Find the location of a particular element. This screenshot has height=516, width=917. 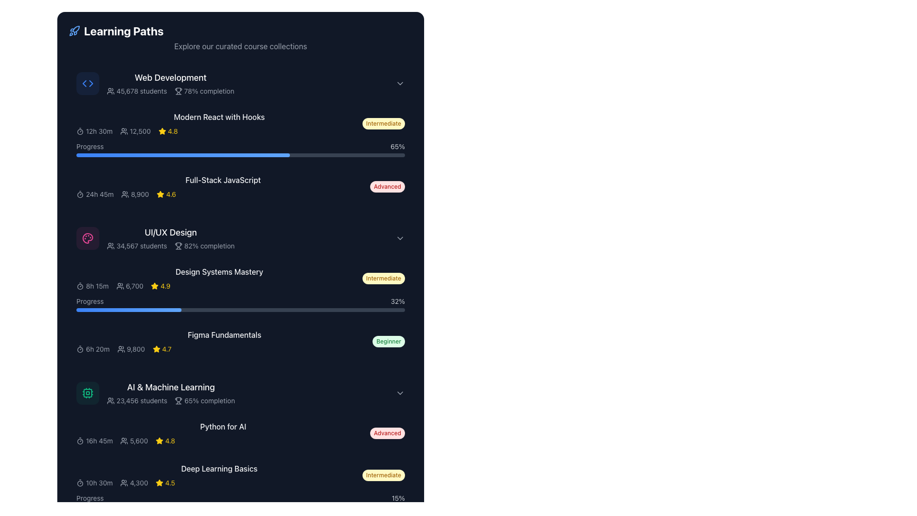

the Data display element showing '23,456 students' and '65% completion' with user and trophy icons is located at coordinates (171, 401).